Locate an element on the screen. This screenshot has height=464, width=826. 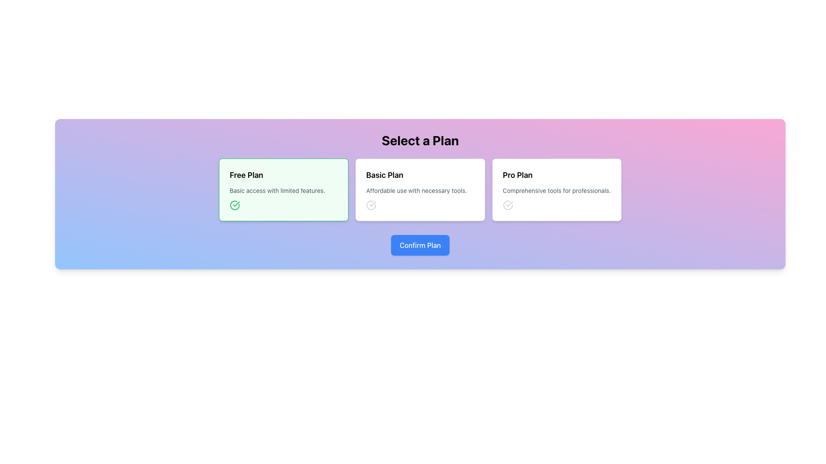
the 'Basic Plan' card to review the information displayed, located centrally in the layout between the 'Free Plan' and 'Pro Plan' cards is located at coordinates (420, 189).